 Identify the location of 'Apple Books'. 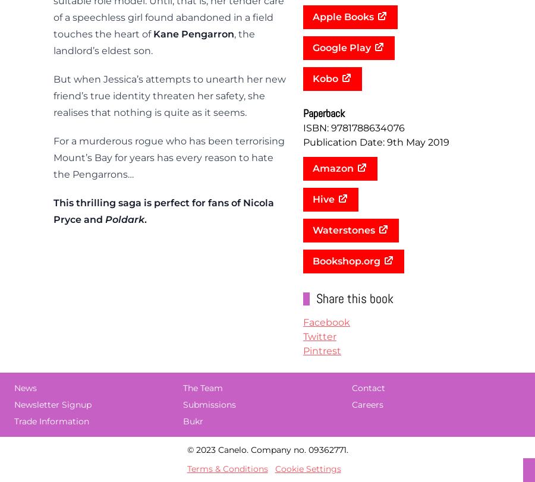
(343, 17).